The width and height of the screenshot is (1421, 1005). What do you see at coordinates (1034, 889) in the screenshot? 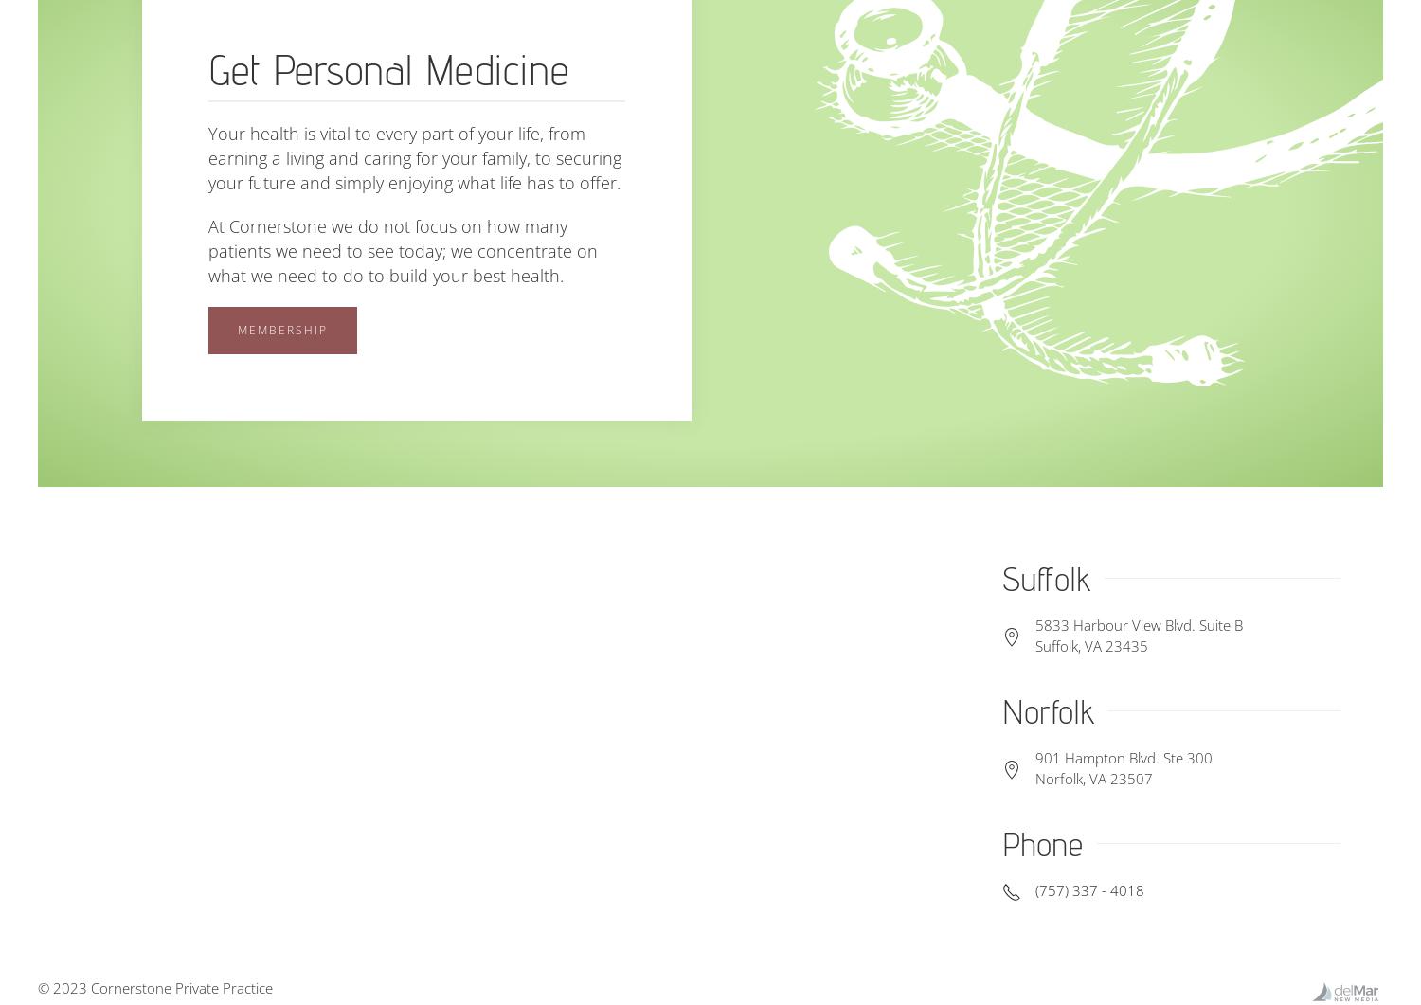
I see `'(757) 337 - 4018'` at bounding box center [1034, 889].